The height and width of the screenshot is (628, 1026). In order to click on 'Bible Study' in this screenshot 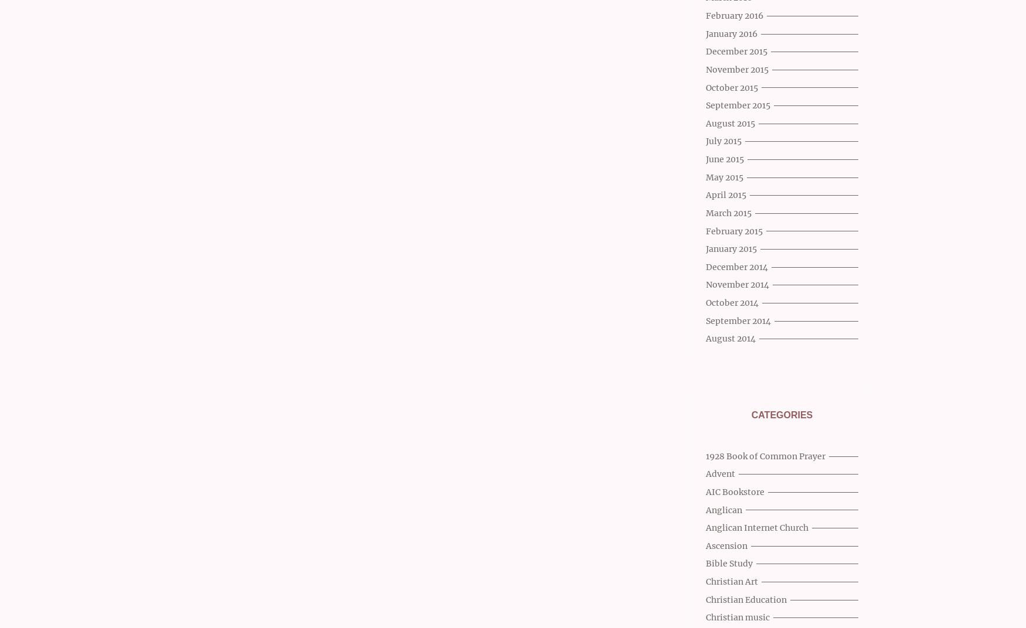, I will do `click(706, 563)`.